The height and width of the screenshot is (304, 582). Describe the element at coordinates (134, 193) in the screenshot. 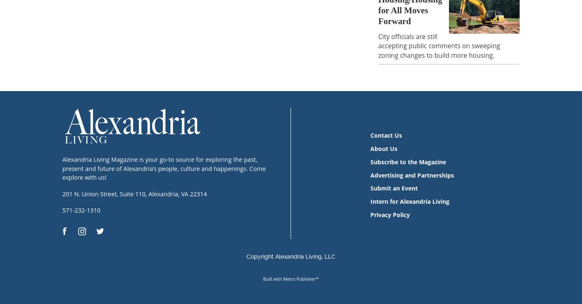

I see `'201 N. Union Street, Suite 110, Alexandria, VA 22314'` at that location.